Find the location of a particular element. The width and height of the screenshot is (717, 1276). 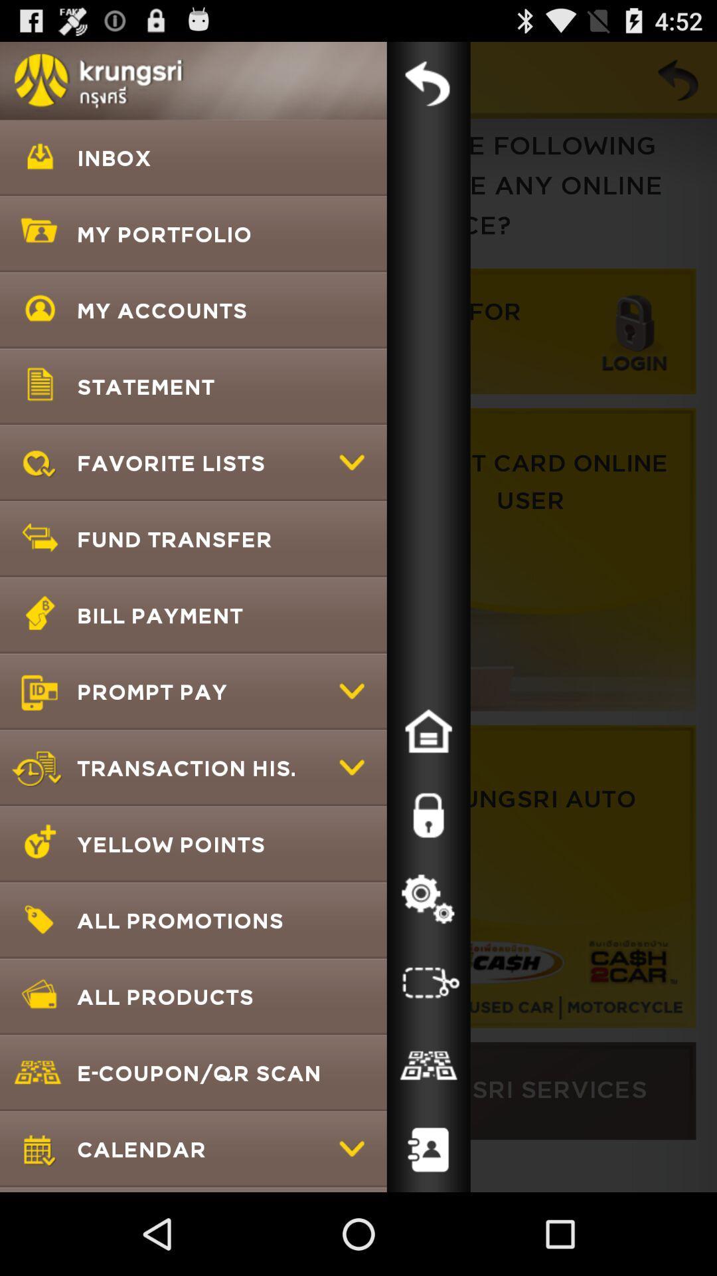

the follow icon is located at coordinates (428, 1230).